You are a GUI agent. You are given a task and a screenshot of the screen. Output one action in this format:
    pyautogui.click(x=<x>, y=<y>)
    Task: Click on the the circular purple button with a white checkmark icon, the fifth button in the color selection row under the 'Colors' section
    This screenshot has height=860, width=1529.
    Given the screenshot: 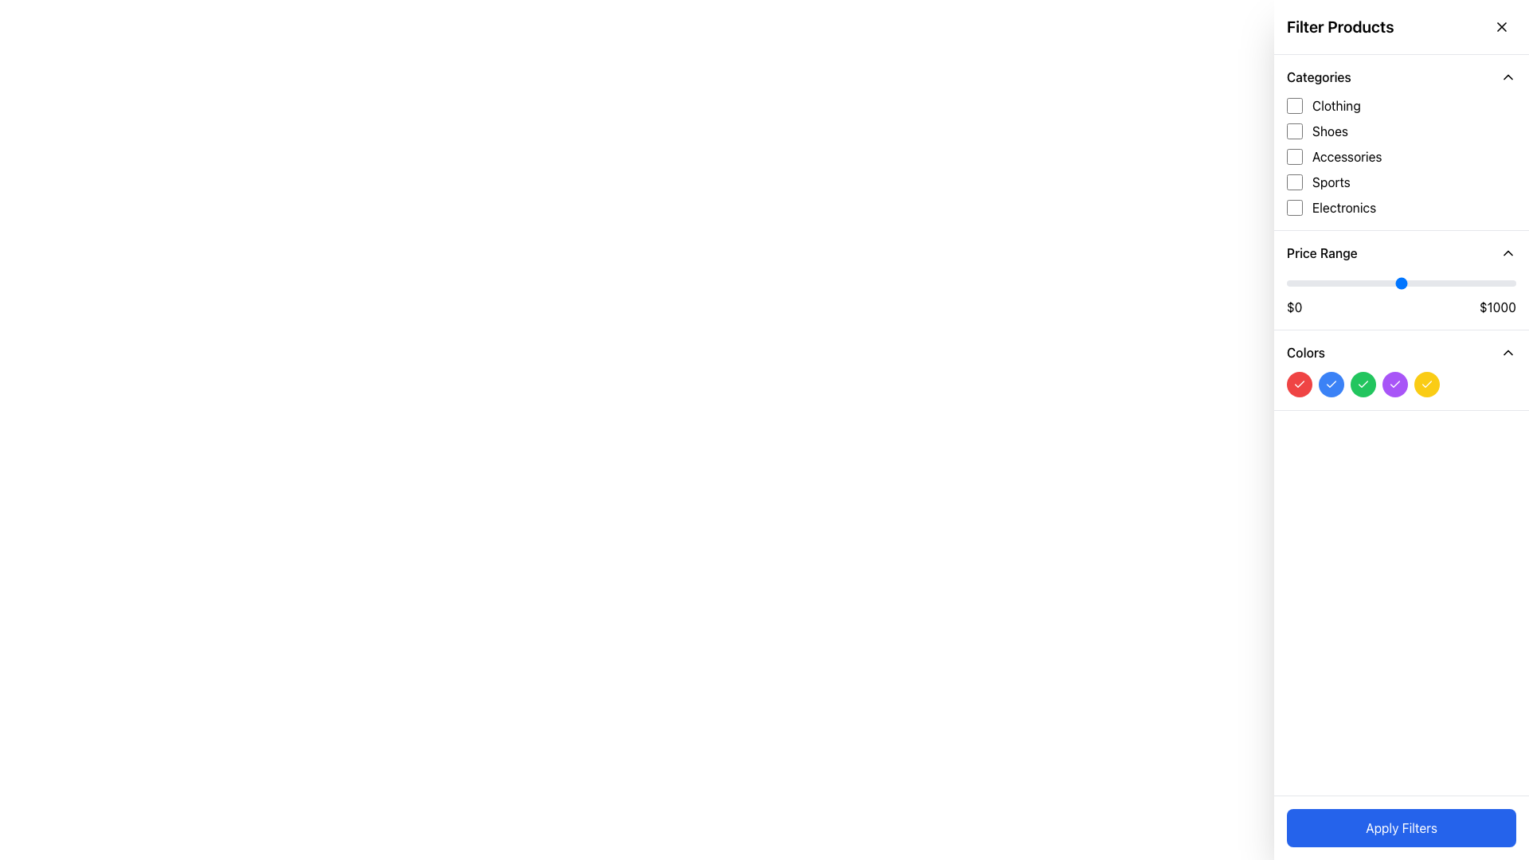 What is the action you would take?
    pyautogui.click(x=1394, y=384)
    